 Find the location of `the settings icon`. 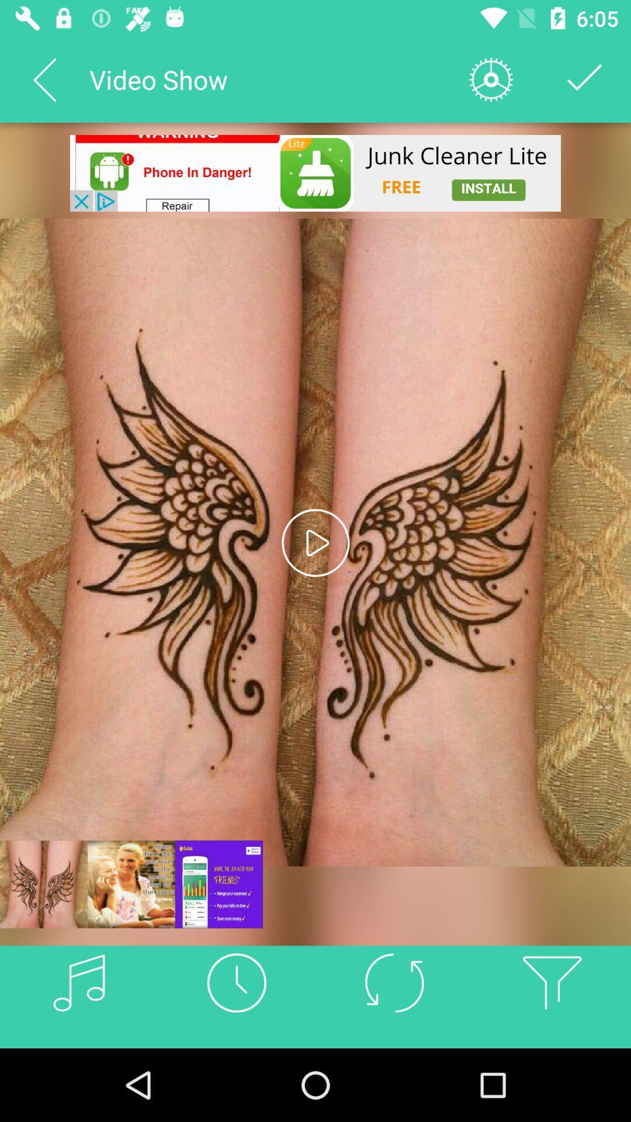

the settings icon is located at coordinates (491, 79).